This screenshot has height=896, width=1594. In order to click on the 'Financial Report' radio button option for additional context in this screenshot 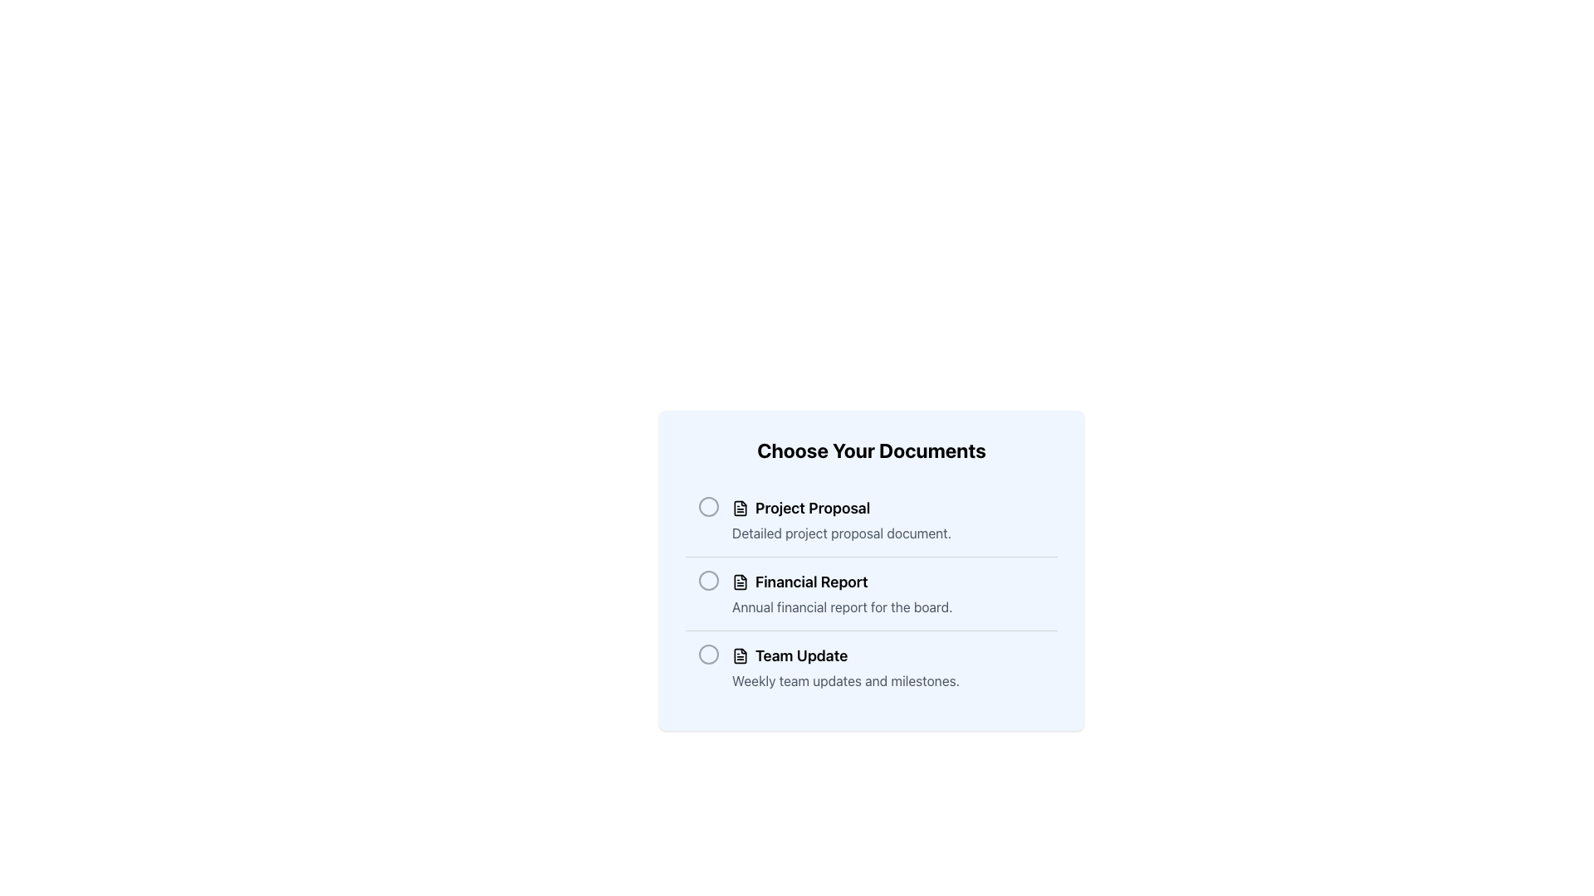, I will do `click(871, 592)`.